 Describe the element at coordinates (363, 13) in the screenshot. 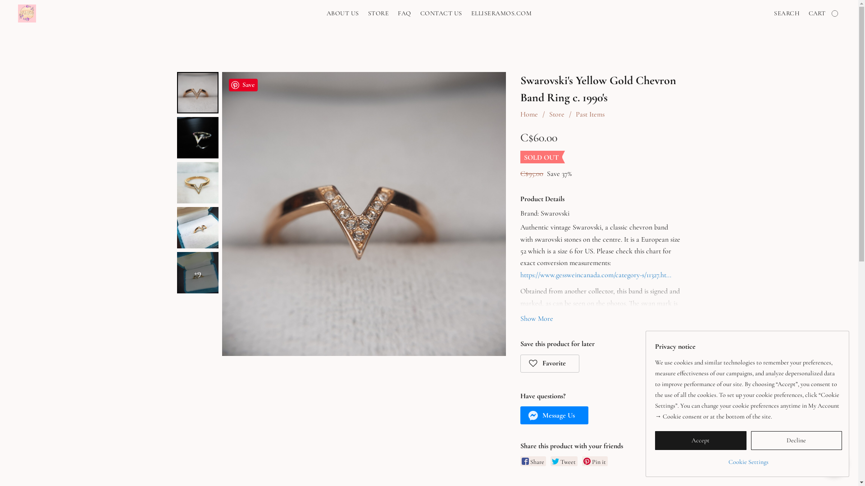

I see `'STORE'` at that location.